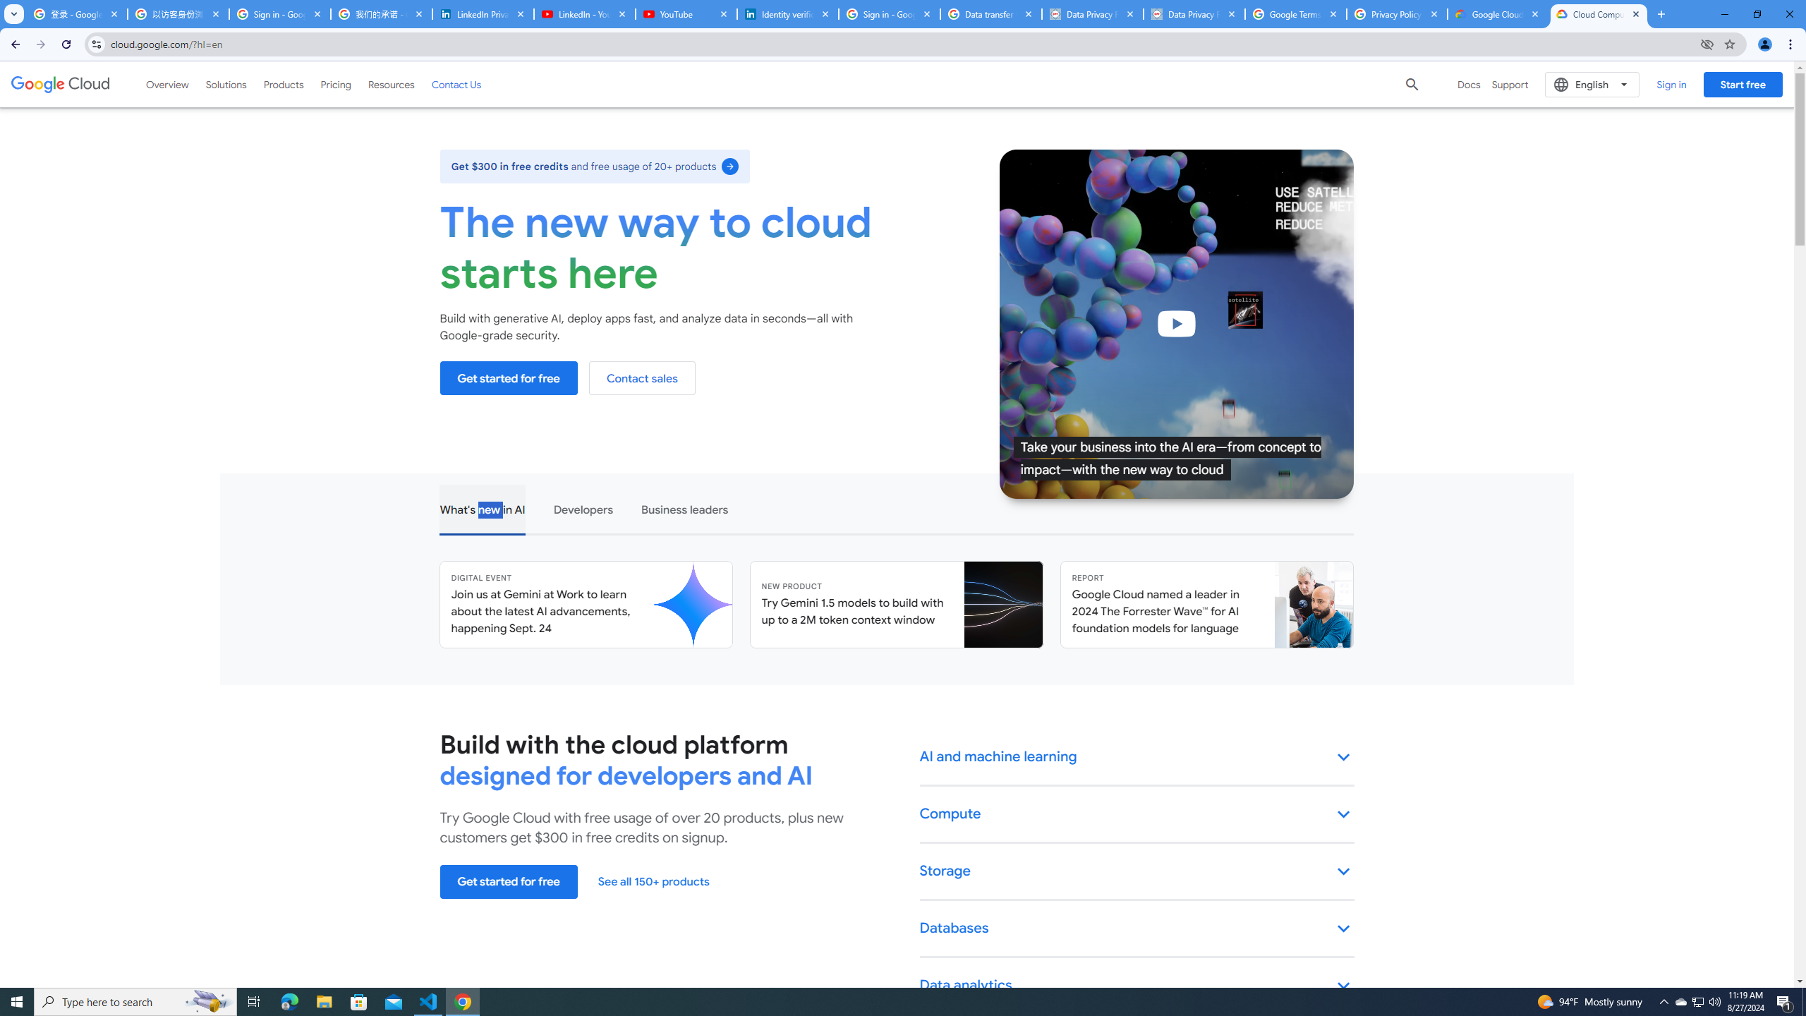  Describe the element at coordinates (1136, 928) in the screenshot. I see `'Databases keyboard_arrow_down'` at that location.